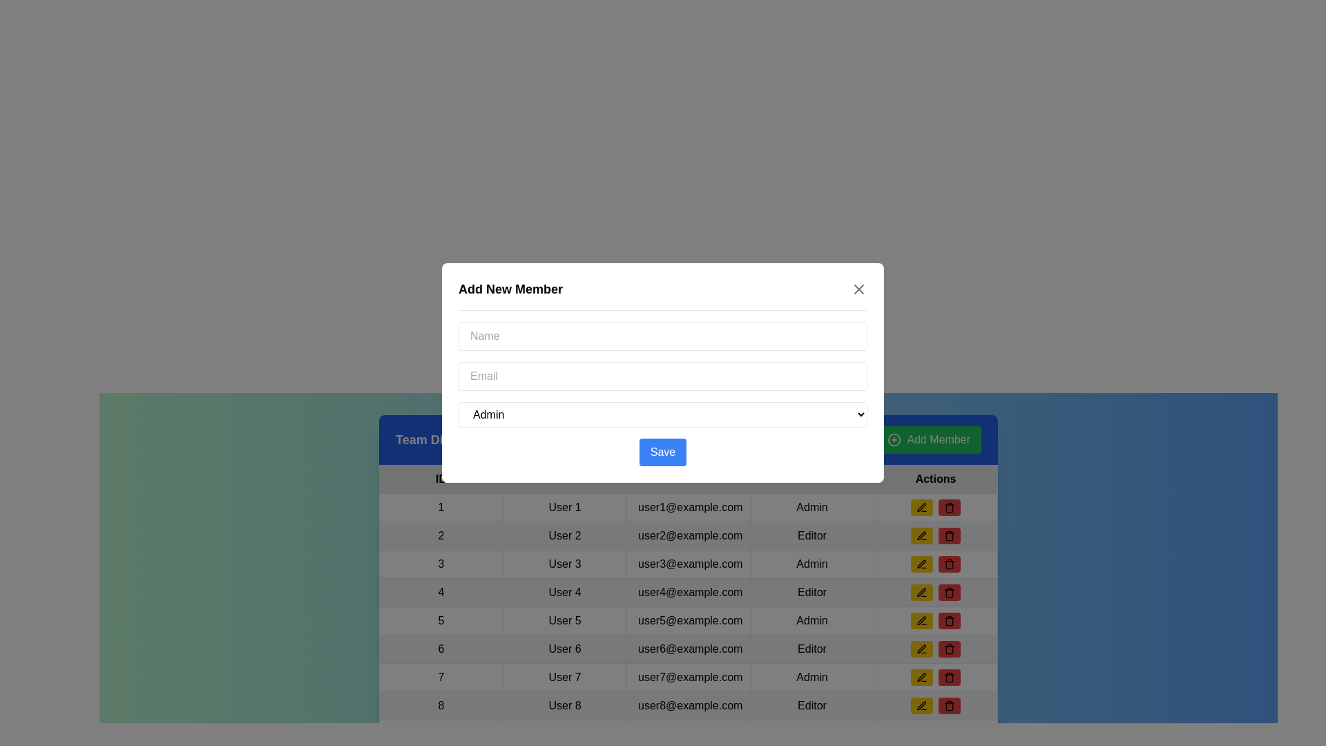 This screenshot has width=1326, height=746. What do you see at coordinates (921, 508) in the screenshot?
I see `the square button with a yellow background and a black pen icon in the center, located in the Actions column as the first item to initiate edit mode` at bounding box center [921, 508].